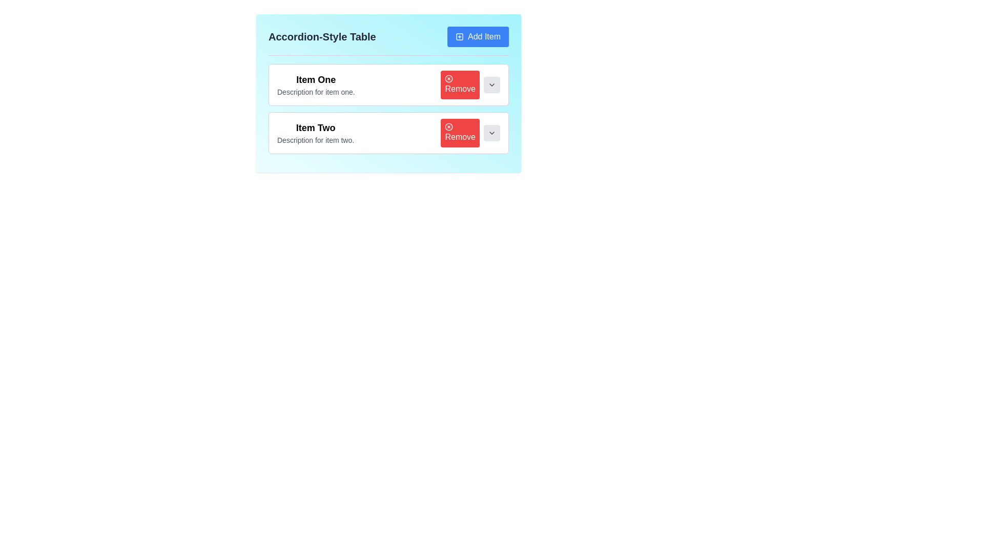  What do you see at coordinates (315, 84) in the screenshot?
I see `the Label with description section located in the first row of the accordion-style table, near the left side, providing static information about the associated item` at bounding box center [315, 84].